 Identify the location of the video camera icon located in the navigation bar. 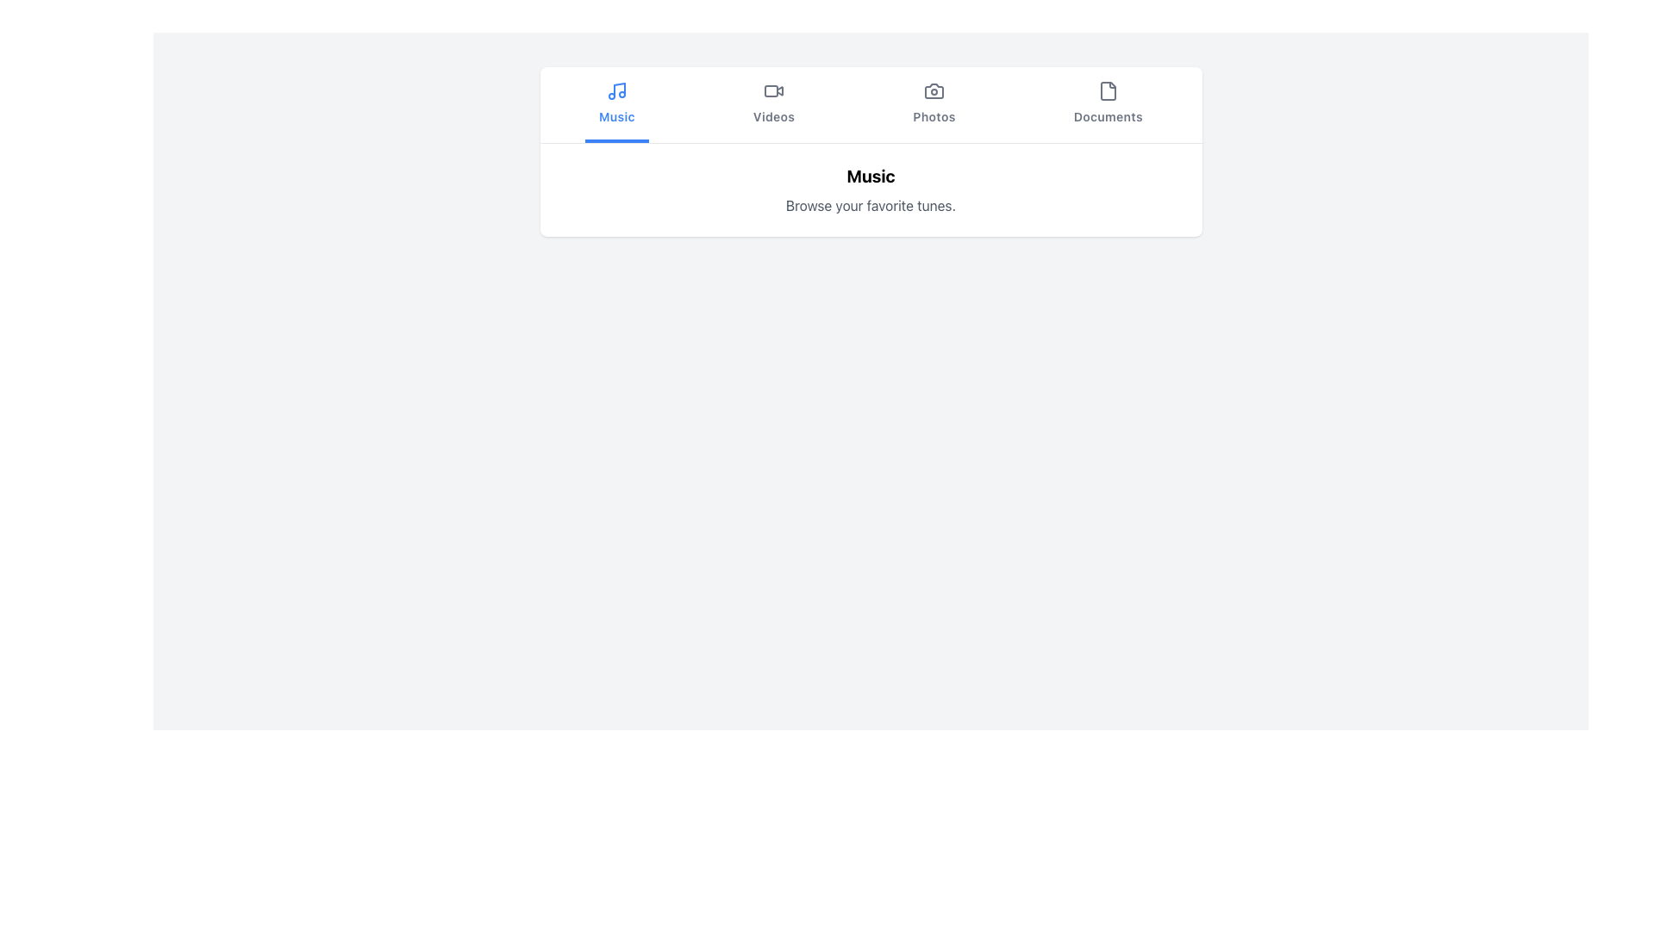
(772, 90).